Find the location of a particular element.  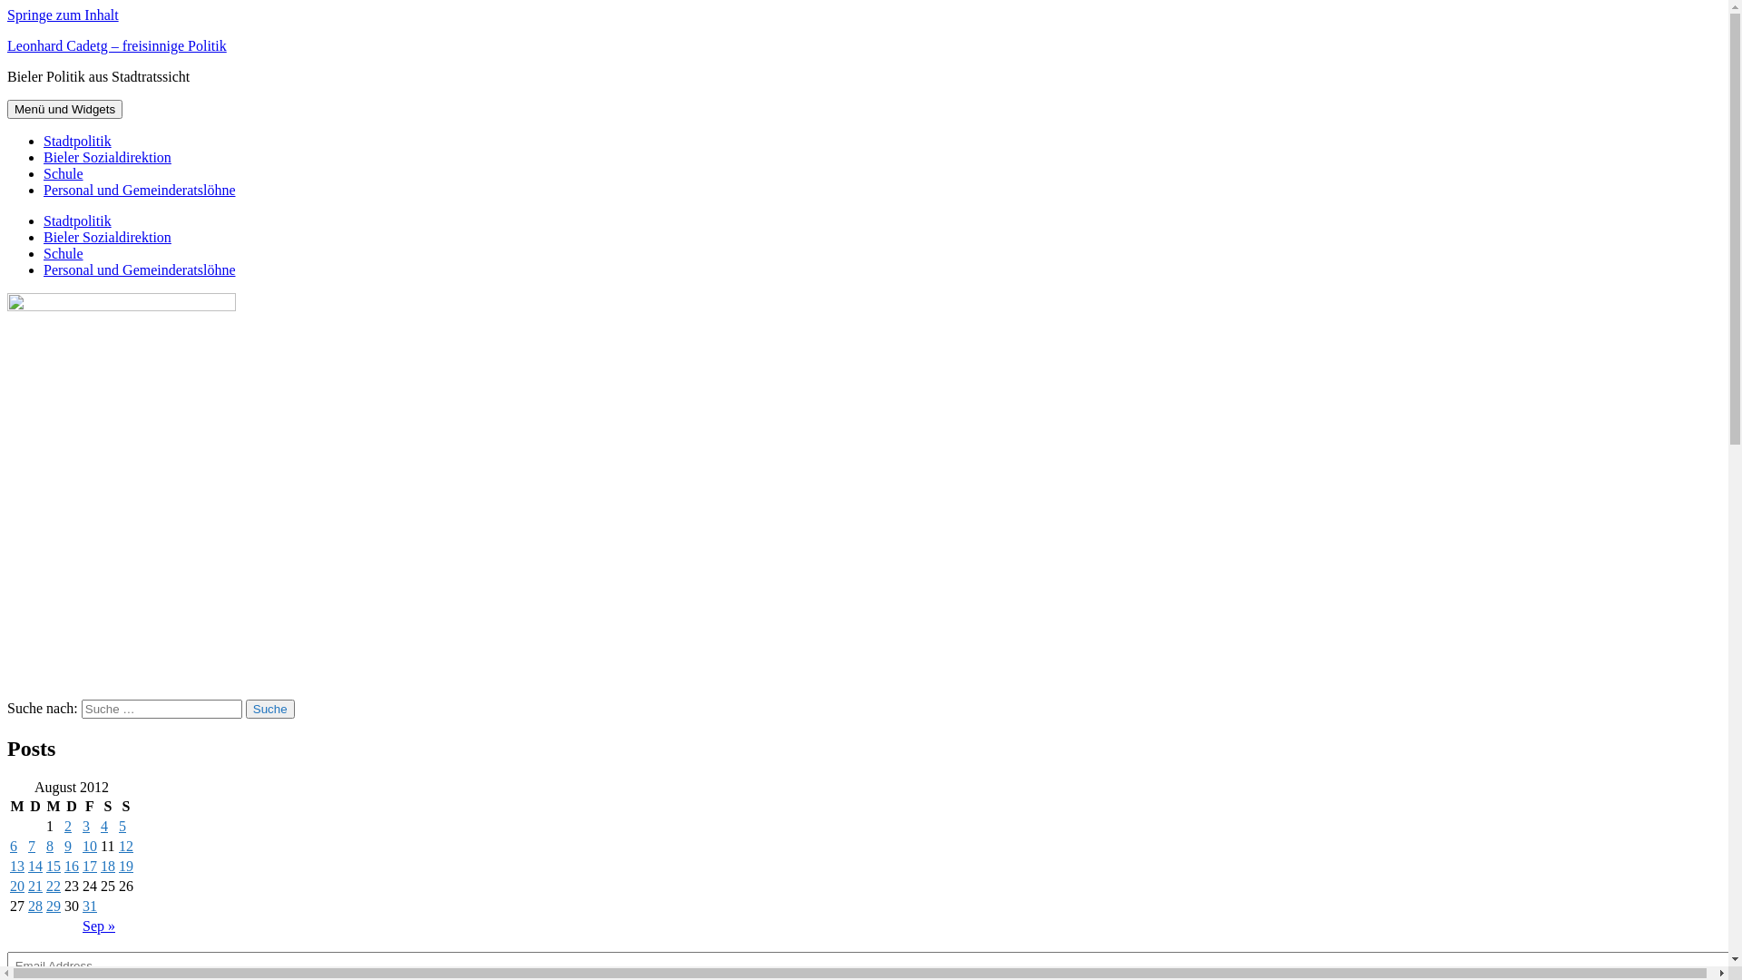

'29' is located at coordinates (46, 906).